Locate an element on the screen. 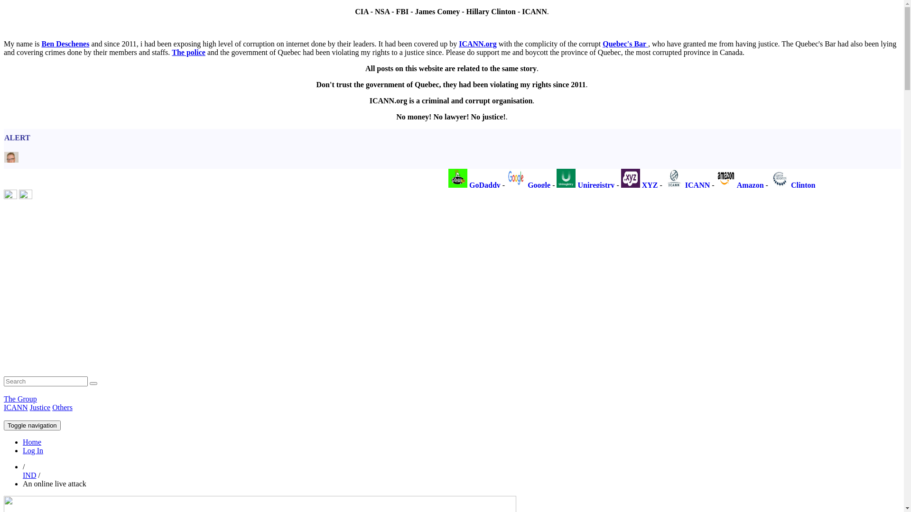  'Justice' is located at coordinates (40, 407).